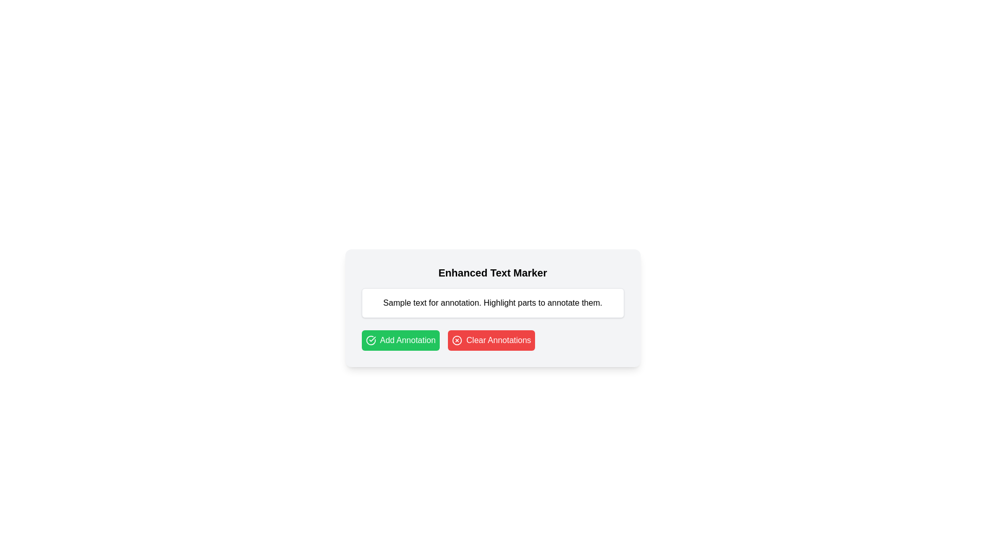 The image size is (984, 553). I want to click on the second character 'a' in the word 'Sample' within the sentence 'Sample text for annotation.', so click(391, 302).